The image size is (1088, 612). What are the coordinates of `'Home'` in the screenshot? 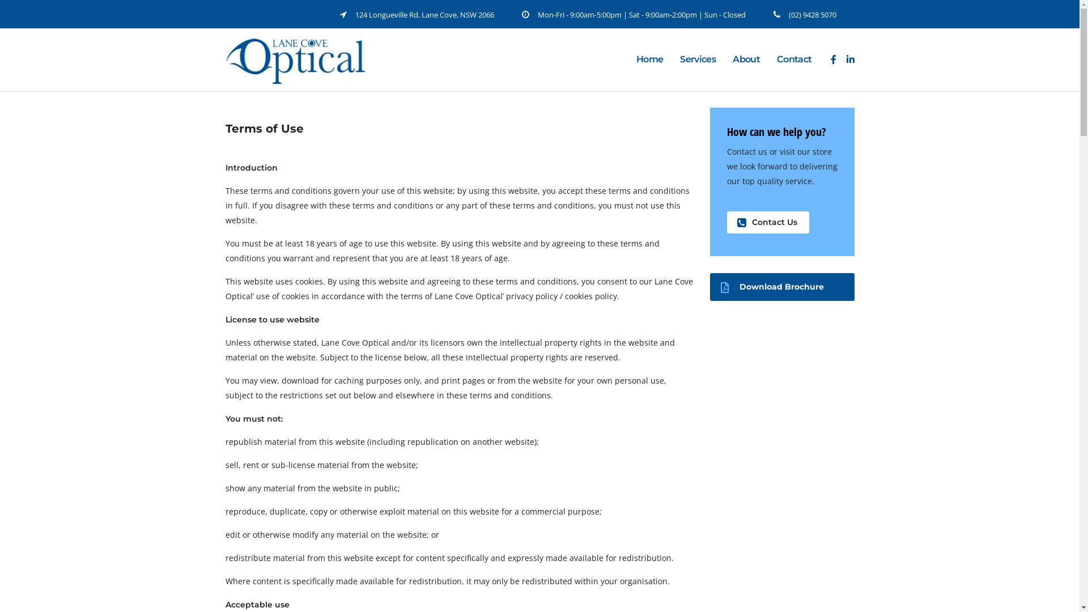 It's located at (649, 59).